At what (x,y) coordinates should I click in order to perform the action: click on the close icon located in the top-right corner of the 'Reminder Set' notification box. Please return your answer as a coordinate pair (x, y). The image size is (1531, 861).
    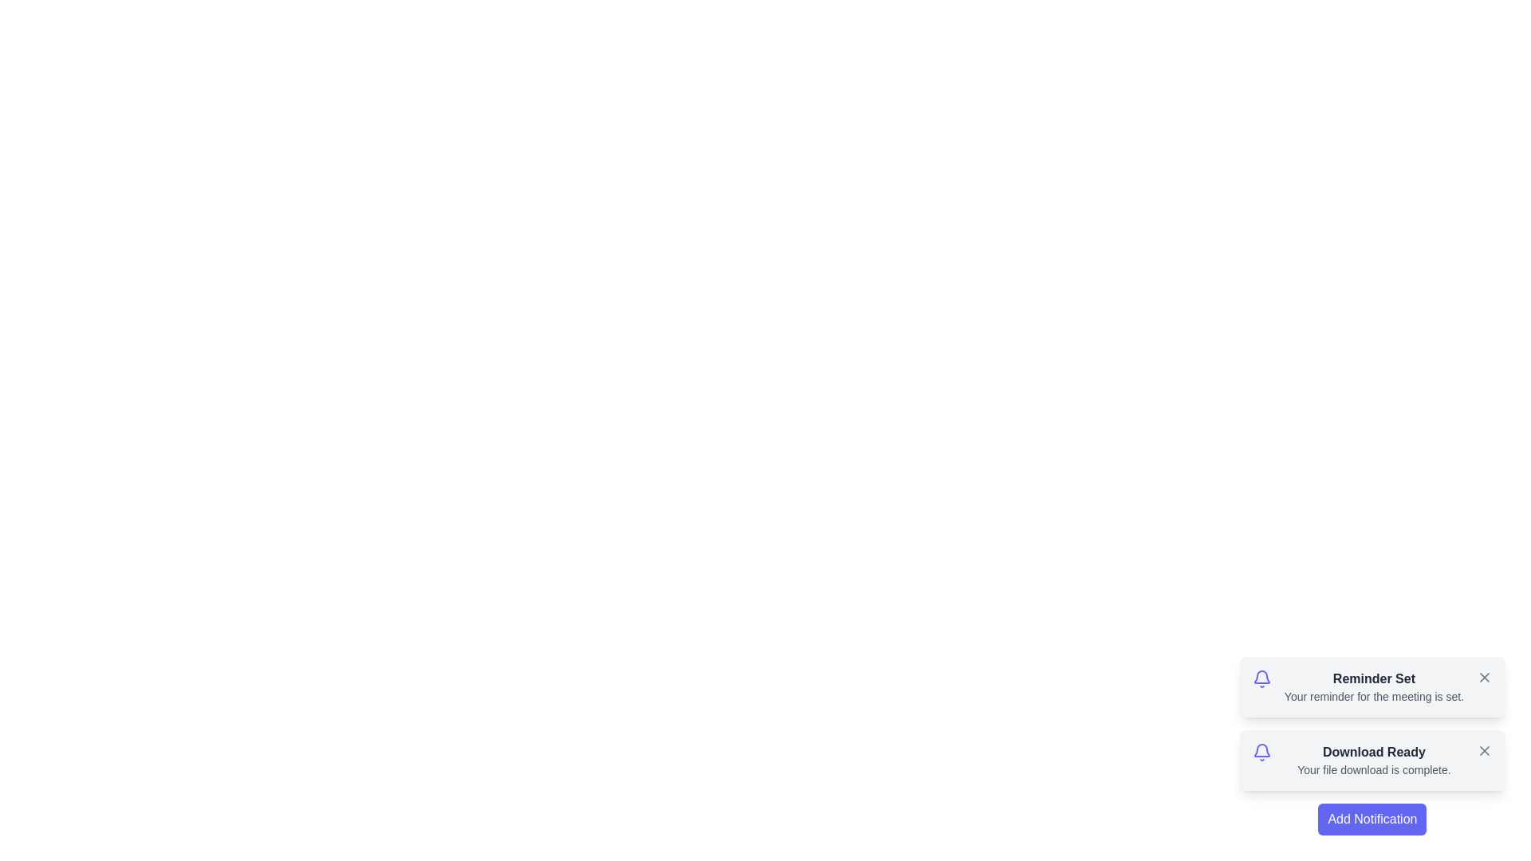
    Looking at the image, I should click on (1484, 677).